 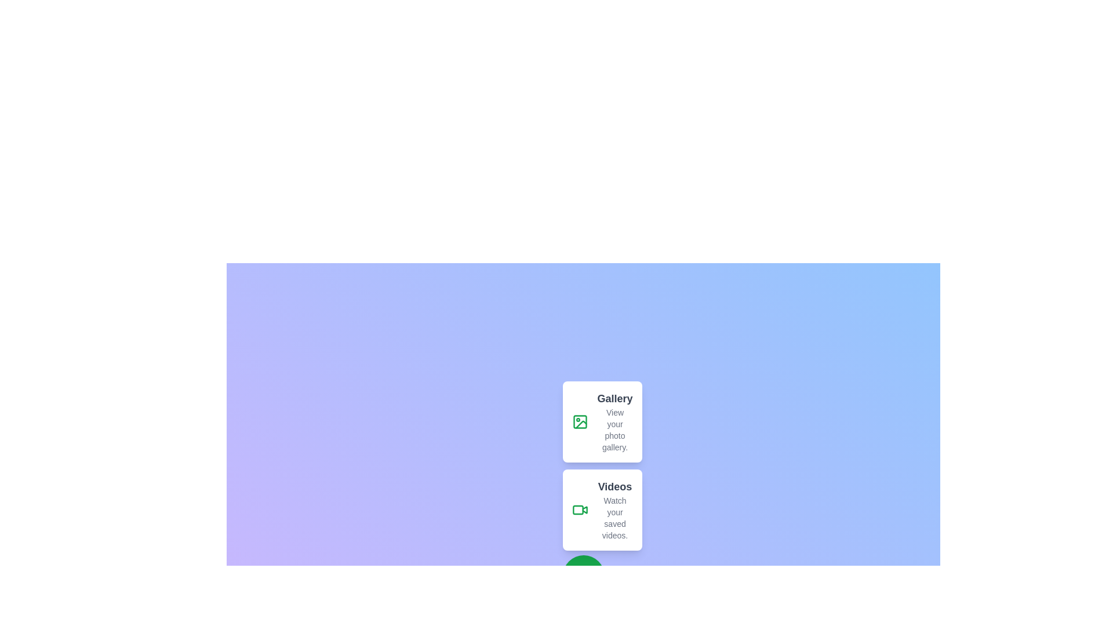 What do you see at coordinates (580, 422) in the screenshot?
I see `the icon labeled Gallery to inspect its visual feedback` at bounding box center [580, 422].